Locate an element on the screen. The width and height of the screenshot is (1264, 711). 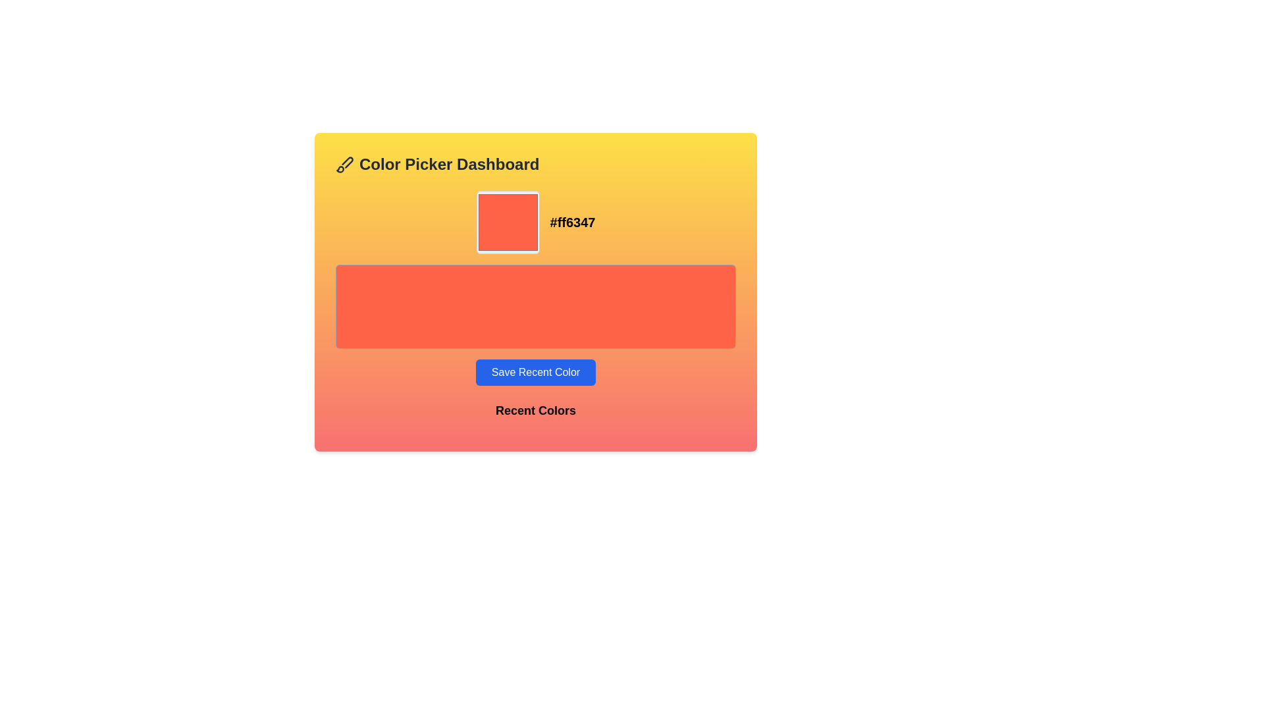
the 'Recent Colors' text header, which is bold and prominently displayed against a gradient background, indicating a section header for the content below is located at coordinates (536, 416).